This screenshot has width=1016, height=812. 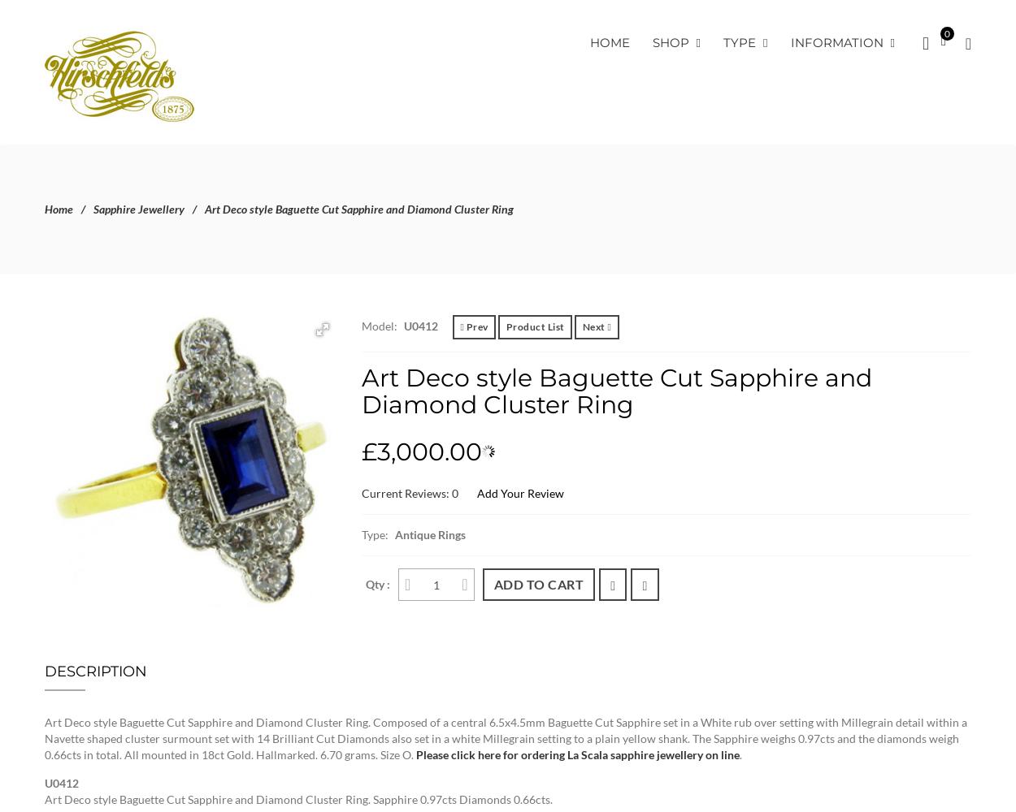 I want to click on 'prev', so click(x=476, y=326).